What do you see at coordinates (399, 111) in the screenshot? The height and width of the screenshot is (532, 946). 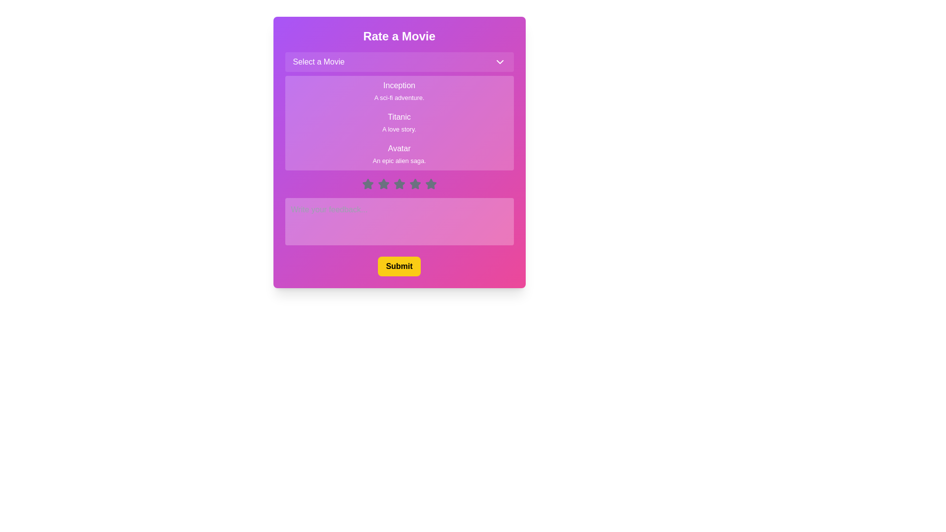 I see `the movie title in the dropdown menu that lists 'Inception', 'Titanic', and 'Avatar'` at bounding box center [399, 111].